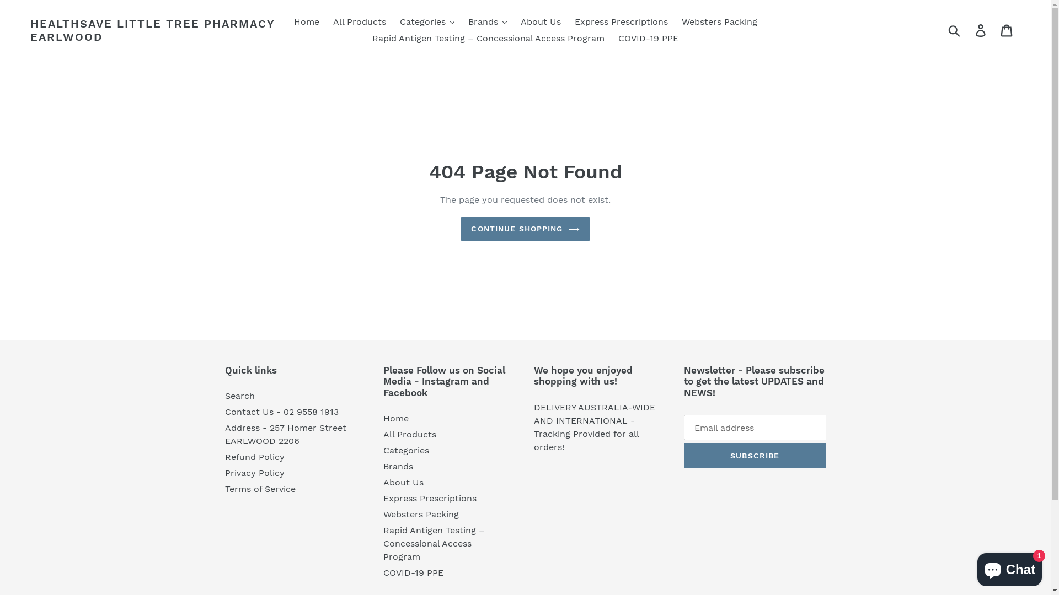  I want to click on 'HEALTHSAVE LITTLE TREE PHARMACY EARLWOOD', so click(153, 29).